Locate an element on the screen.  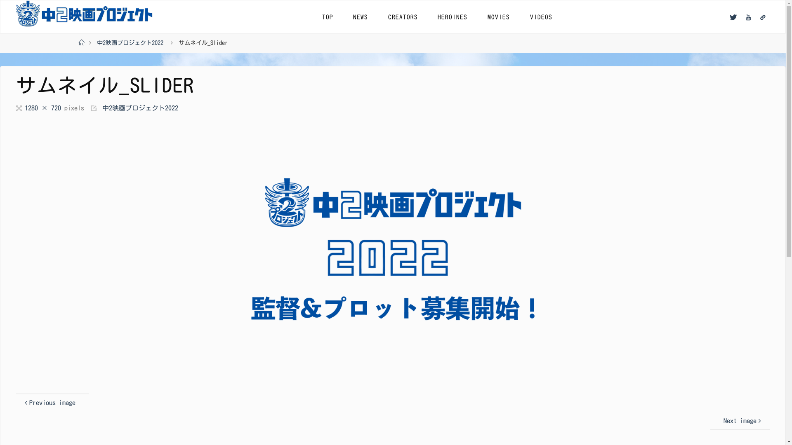
'Twitter' is located at coordinates (733, 17).